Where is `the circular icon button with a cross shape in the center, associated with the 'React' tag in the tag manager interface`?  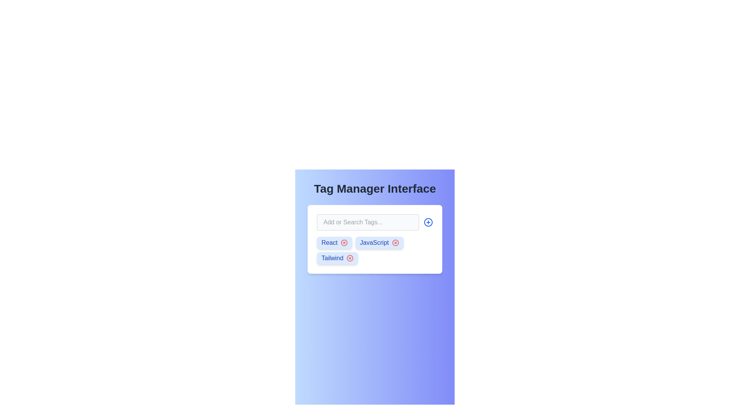
the circular icon button with a cross shape in the center, associated with the 'React' tag in the tag manager interface is located at coordinates (343, 242).